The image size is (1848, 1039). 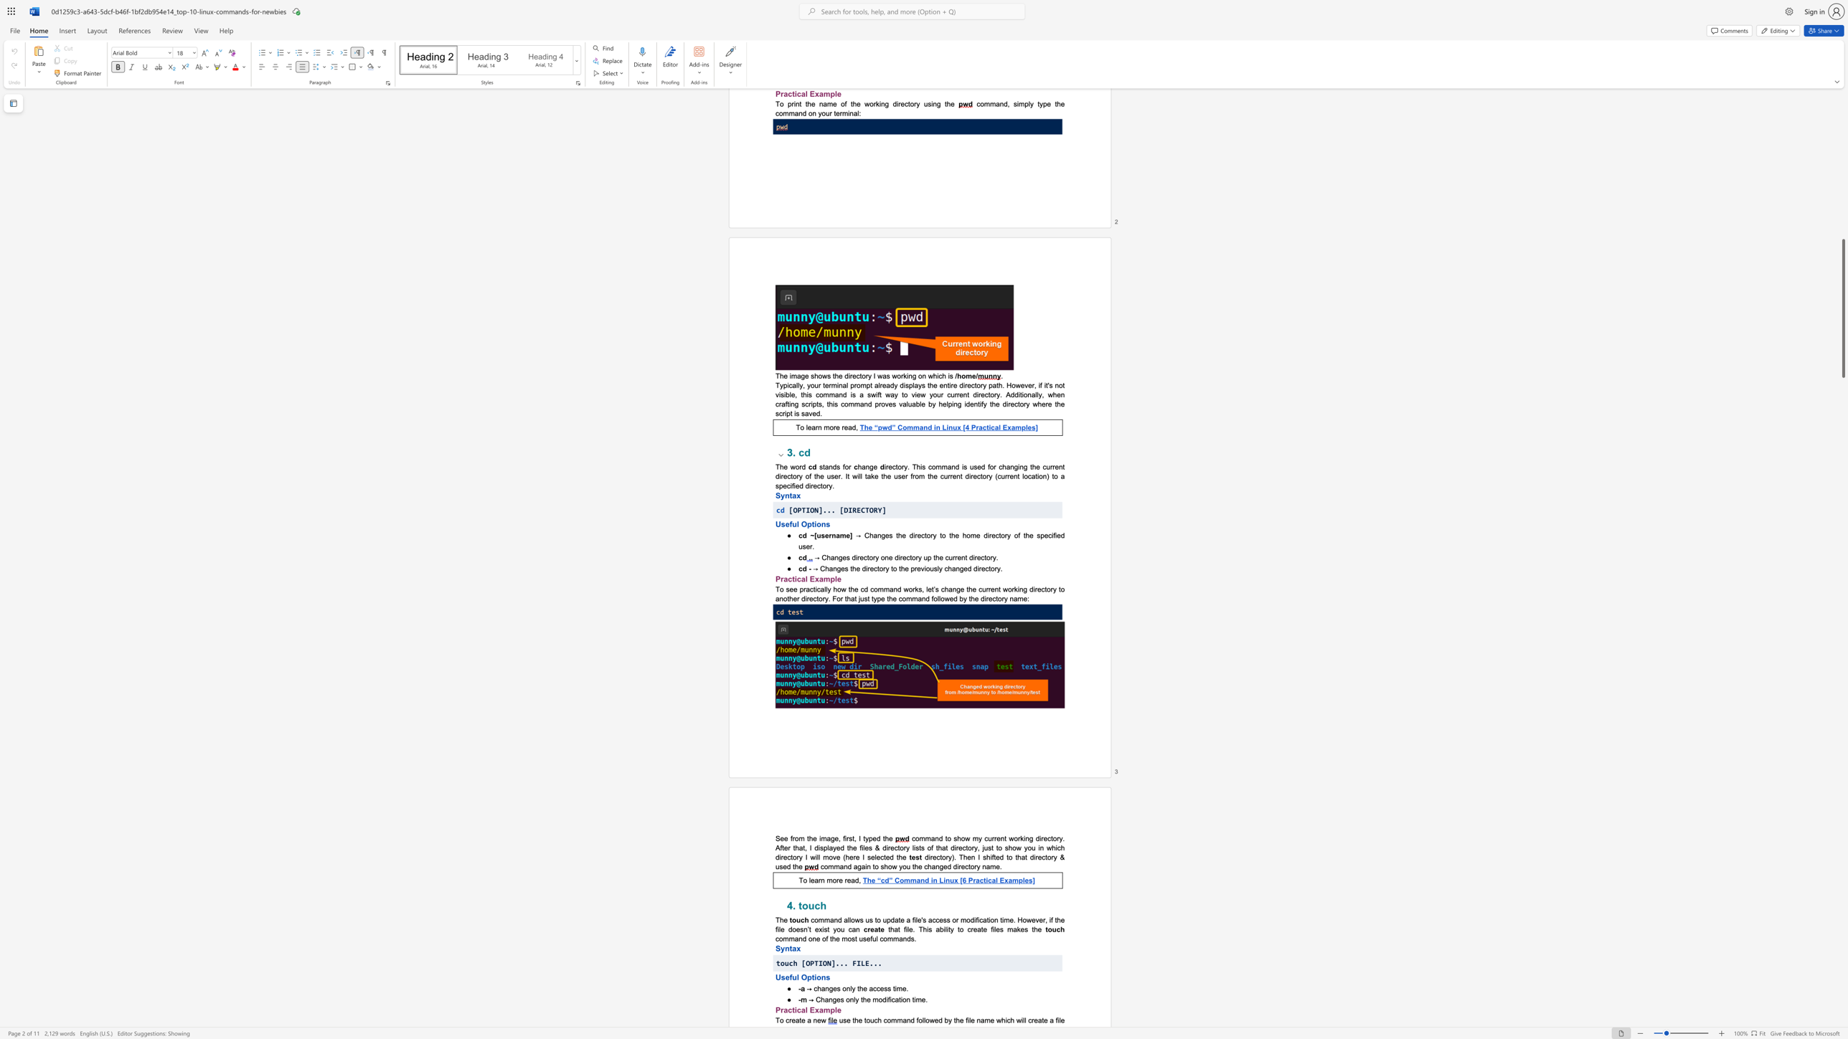 What do you see at coordinates (904, 988) in the screenshot?
I see `the 4th character "e" in the text` at bounding box center [904, 988].